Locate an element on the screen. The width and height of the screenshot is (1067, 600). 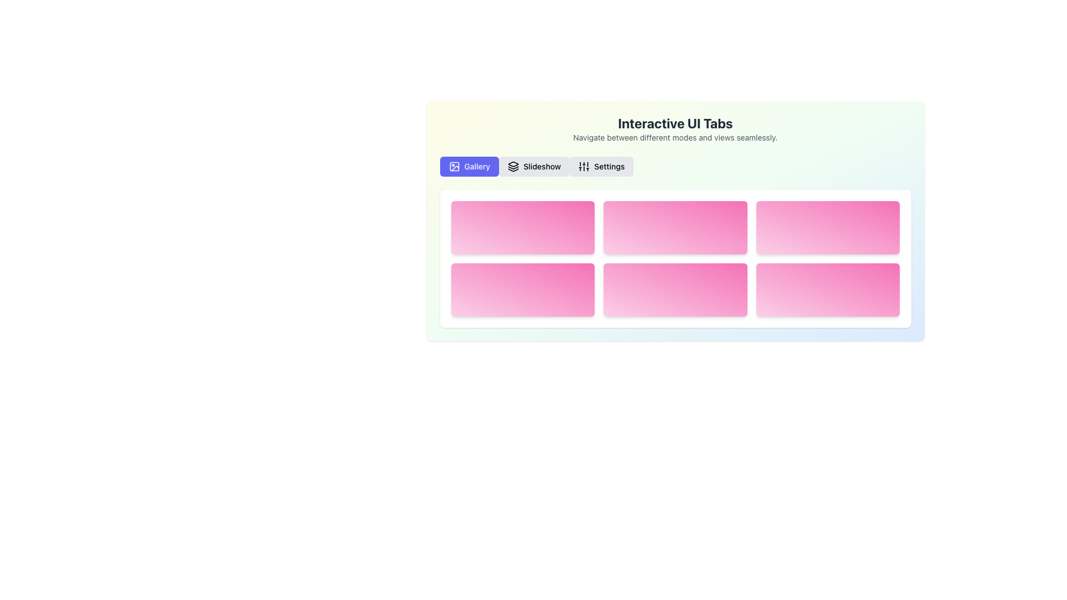
the icon representing three layered shapes is located at coordinates (512, 167).